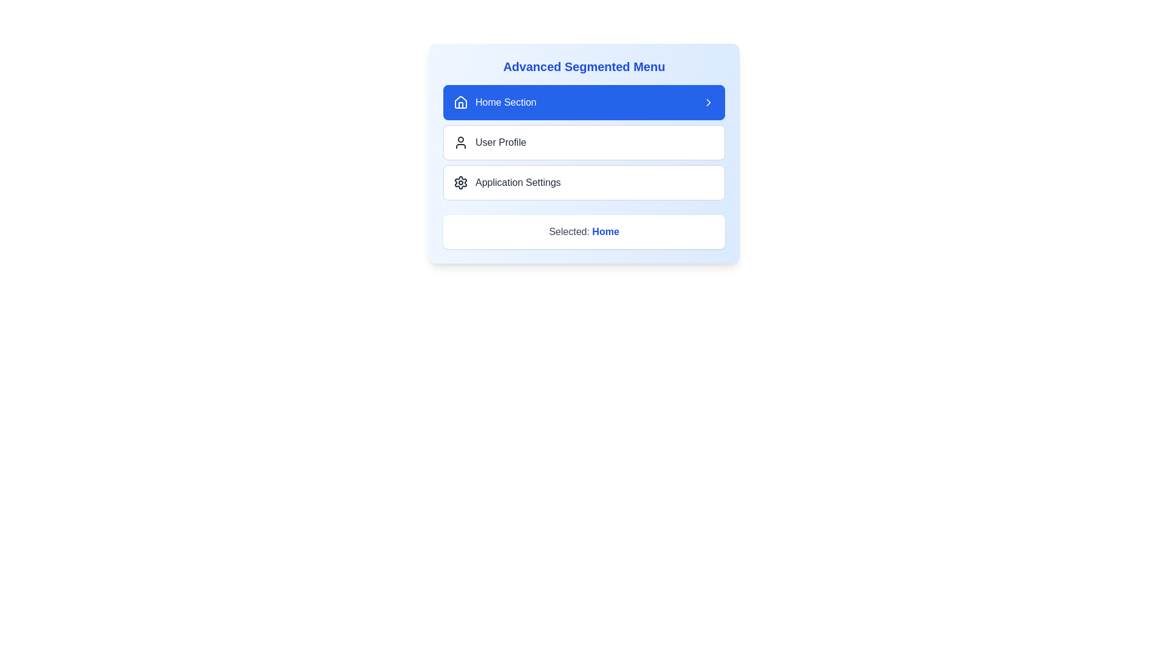 The image size is (1166, 656). I want to click on the cogwheel-shaped icon, which is black with a white outline, representing settings in the segmented menu interface under 'Application Settings', so click(460, 182).